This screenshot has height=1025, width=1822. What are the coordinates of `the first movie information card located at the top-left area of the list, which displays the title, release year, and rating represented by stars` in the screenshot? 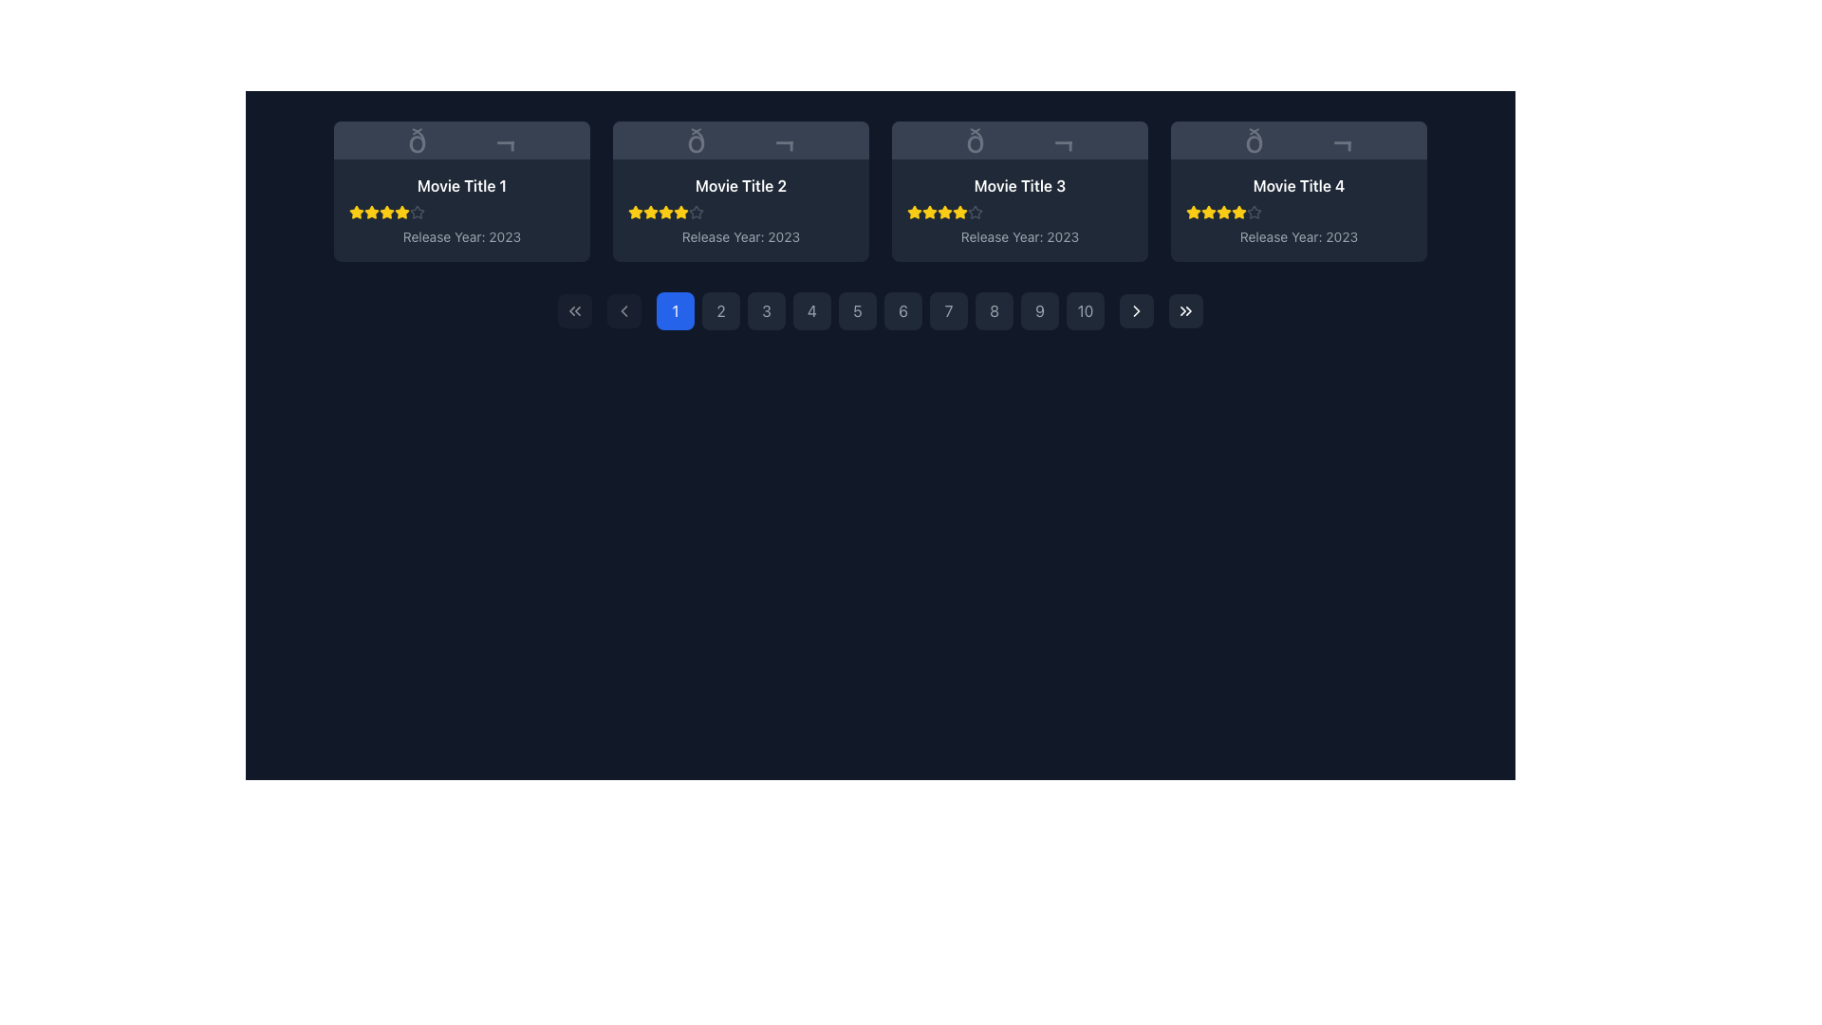 It's located at (461, 211).